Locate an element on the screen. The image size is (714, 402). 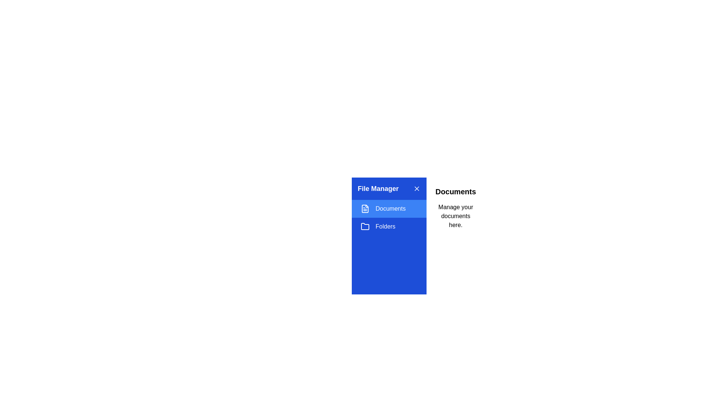
the section Documents in the drawer is located at coordinates (389, 208).